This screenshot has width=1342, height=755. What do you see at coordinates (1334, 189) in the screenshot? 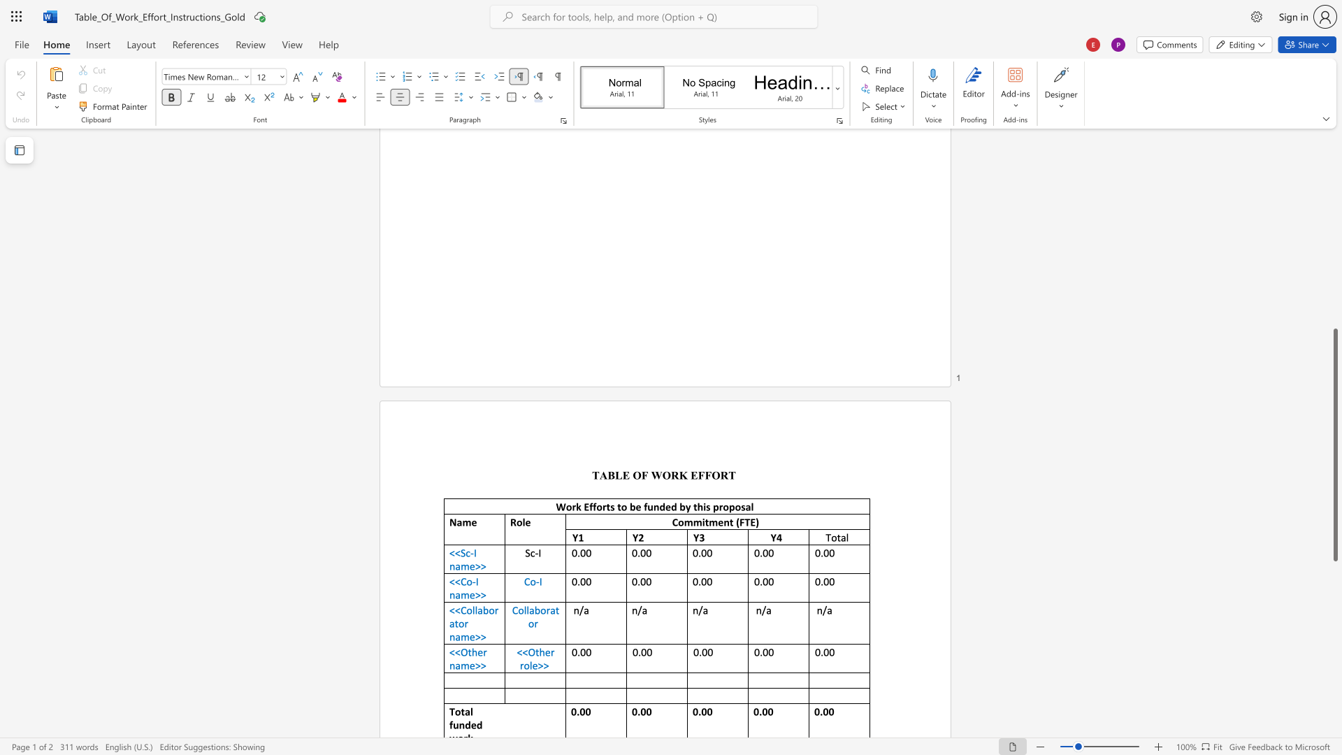
I see `the side scrollbar to bring the page up` at bounding box center [1334, 189].